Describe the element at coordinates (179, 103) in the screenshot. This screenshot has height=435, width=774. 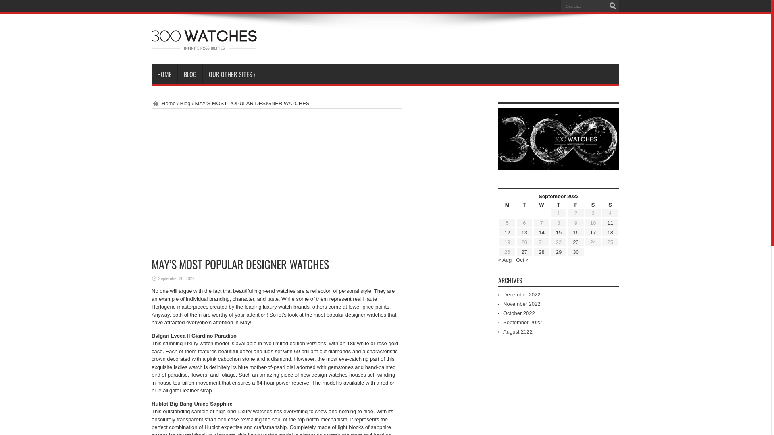
I see `'Blog'` at that location.